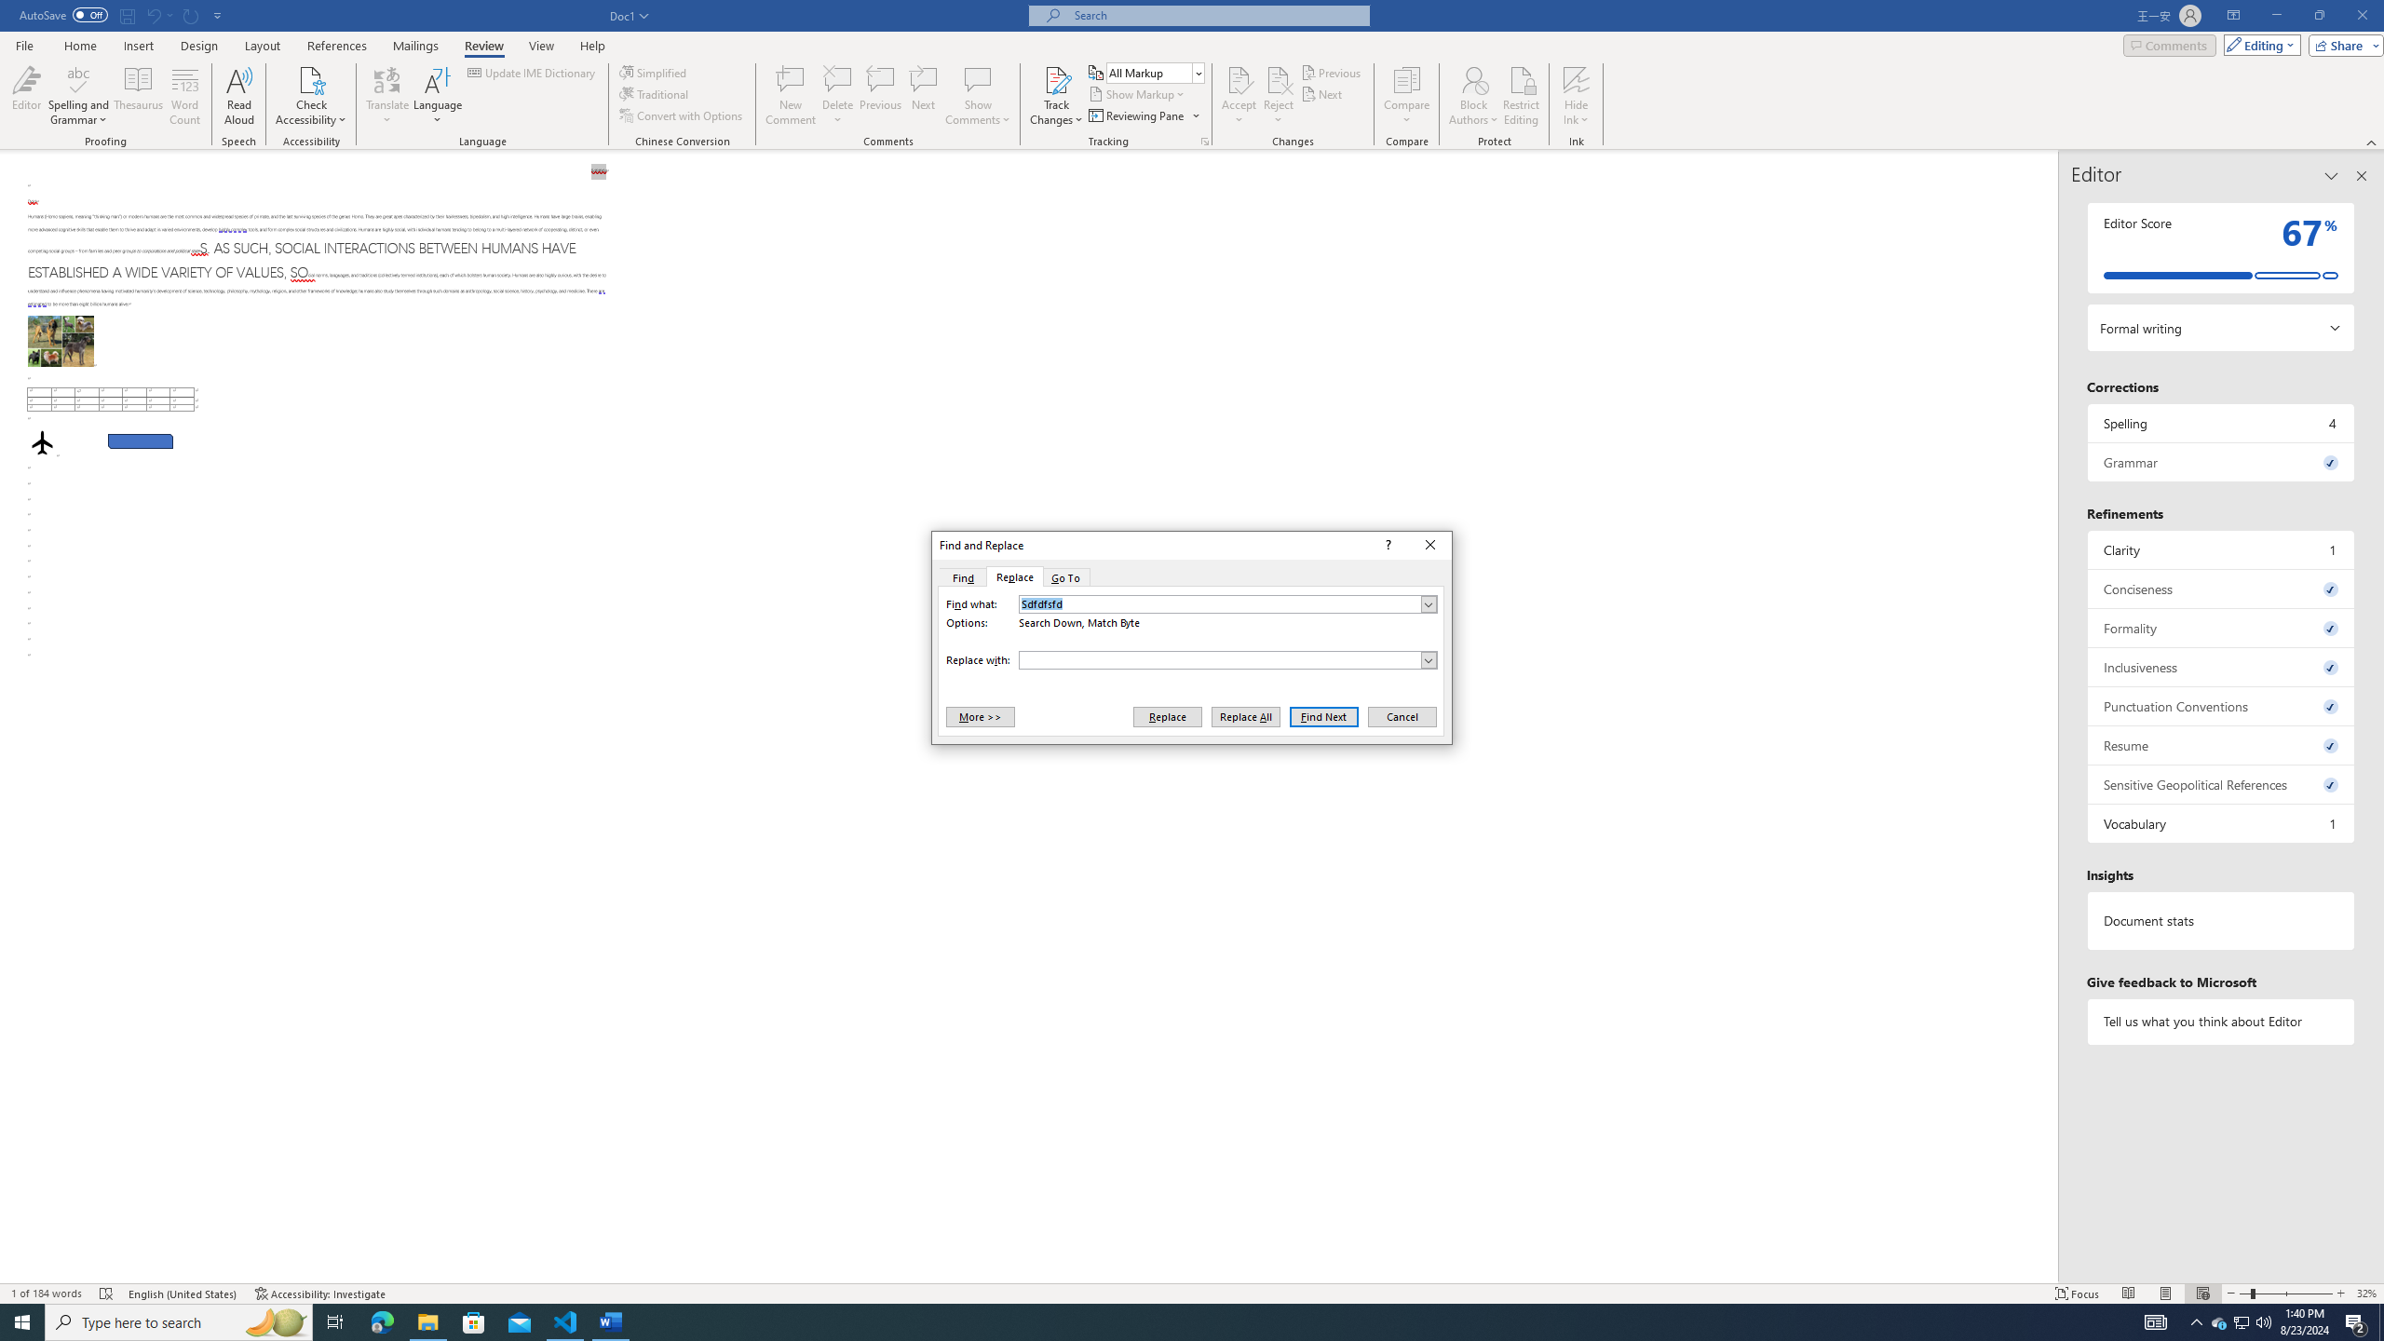 The height and width of the screenshot is (1341, 2384). Describe the element at coordinates (79, 96) in the screenshot. I see `'Spelling and Grammar'` at that location.